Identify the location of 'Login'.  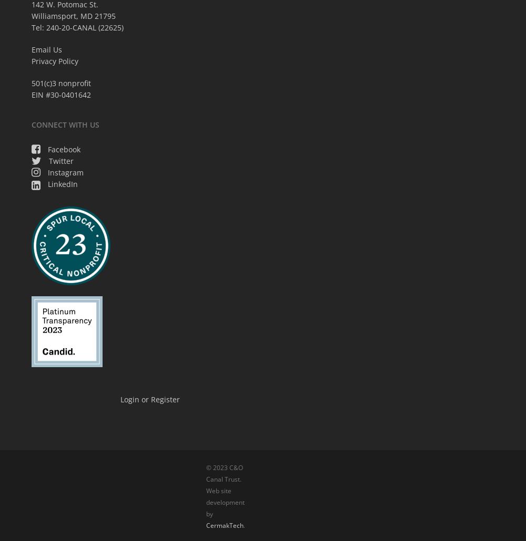
(119, 399).